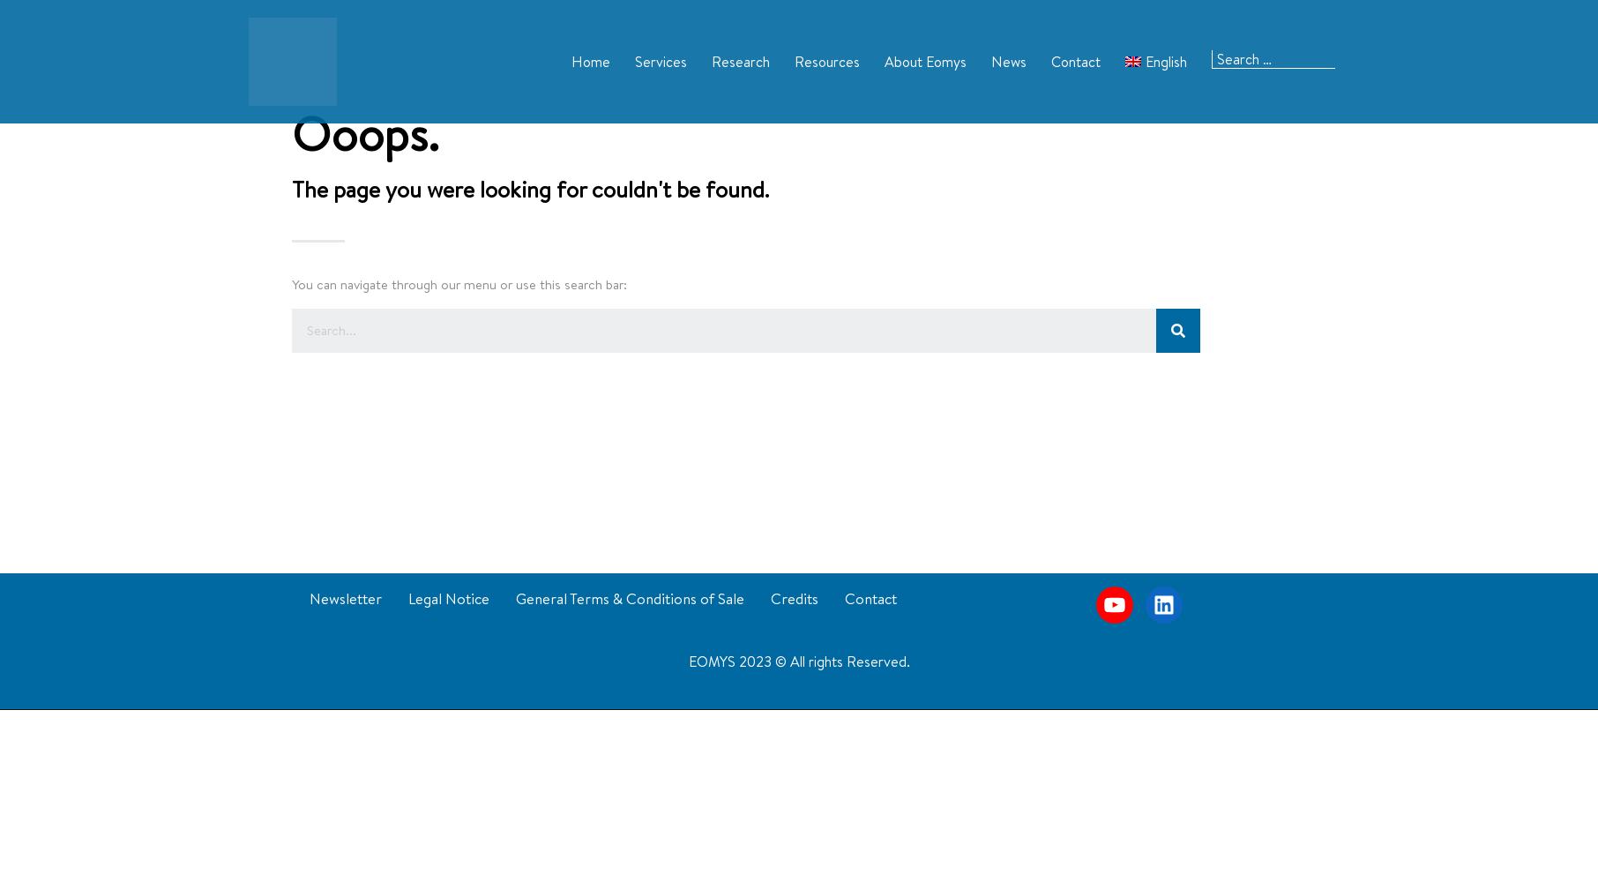 The image size is (1598, 882). What do you see at coordinates (899, 113) in the screenshot?
I see `'Vision & values'` at bounding box center [899, 113].